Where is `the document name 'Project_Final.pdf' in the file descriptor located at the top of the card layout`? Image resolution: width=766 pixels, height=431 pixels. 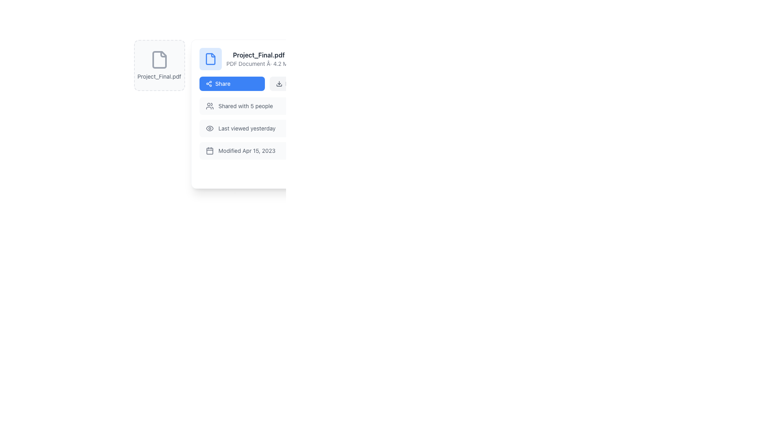 the document name 'Project_Final.pdf' in the file descriptor located at the top of the card layout is located at coordinates (267, 58).